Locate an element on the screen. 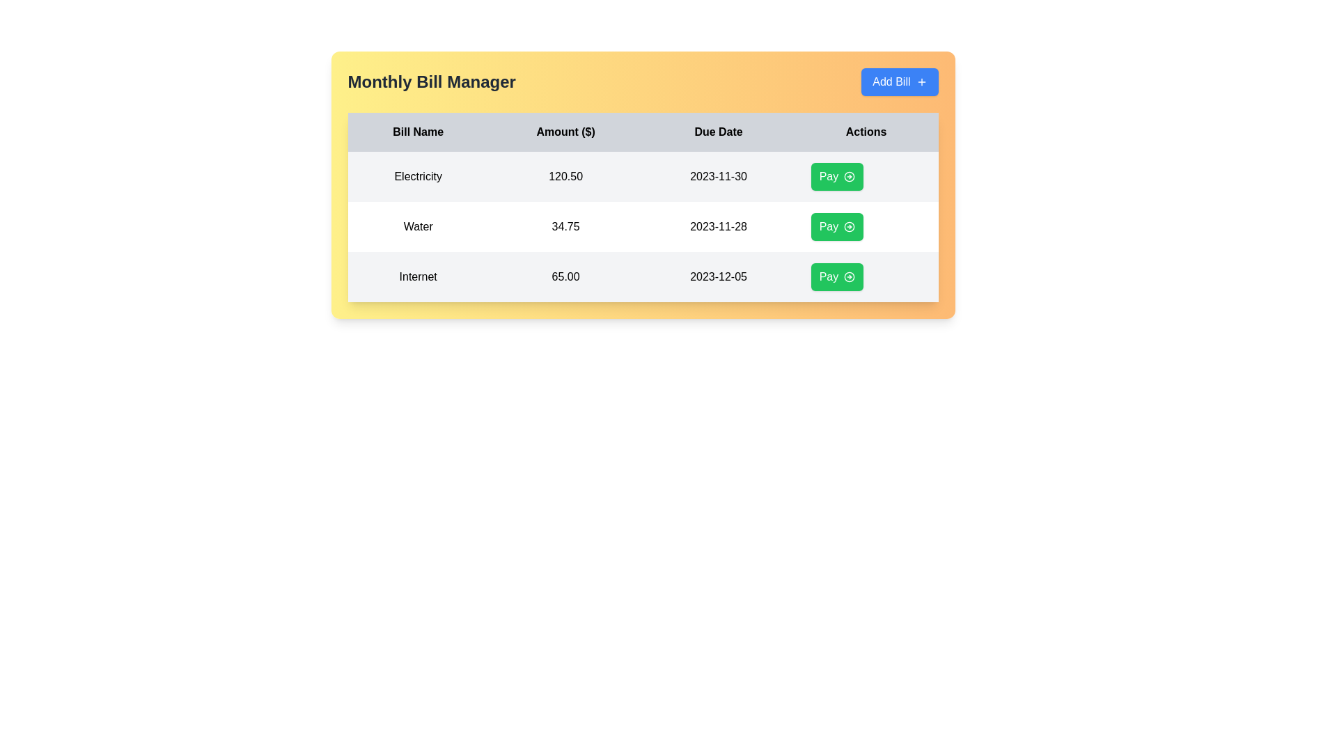 This screenshot has height=752, width=1337. the text display cell containing '2023-11-28' in the Monthly Bill Manager table, which is the third column in the second row is located at coordinates (719, 226).